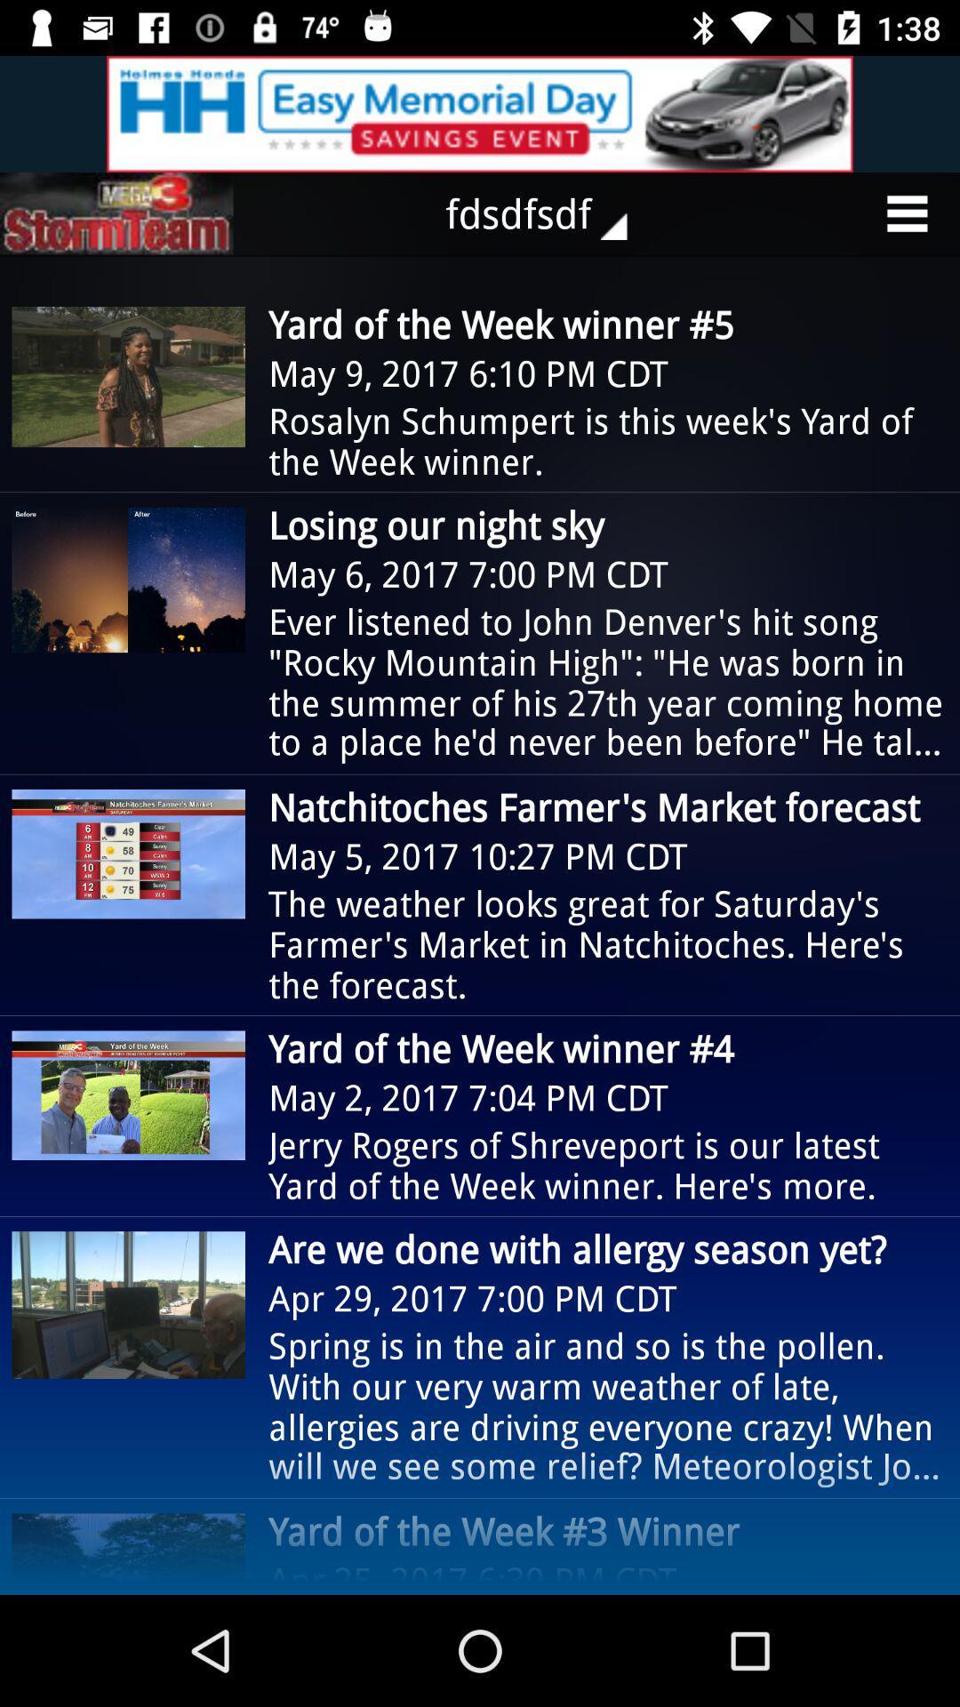 The image size is (960, 1707). Describe the element at coordinates (480, 113) in the screenshot. I see `choose this` at that location.